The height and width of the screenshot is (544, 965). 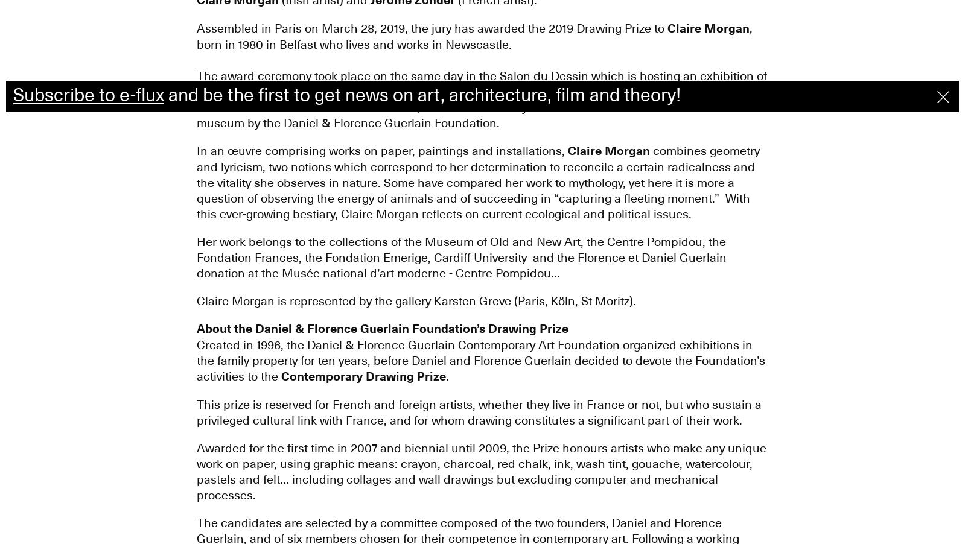 I want to click on 'Subscribe to e-flux', so click(x=88, y=95).